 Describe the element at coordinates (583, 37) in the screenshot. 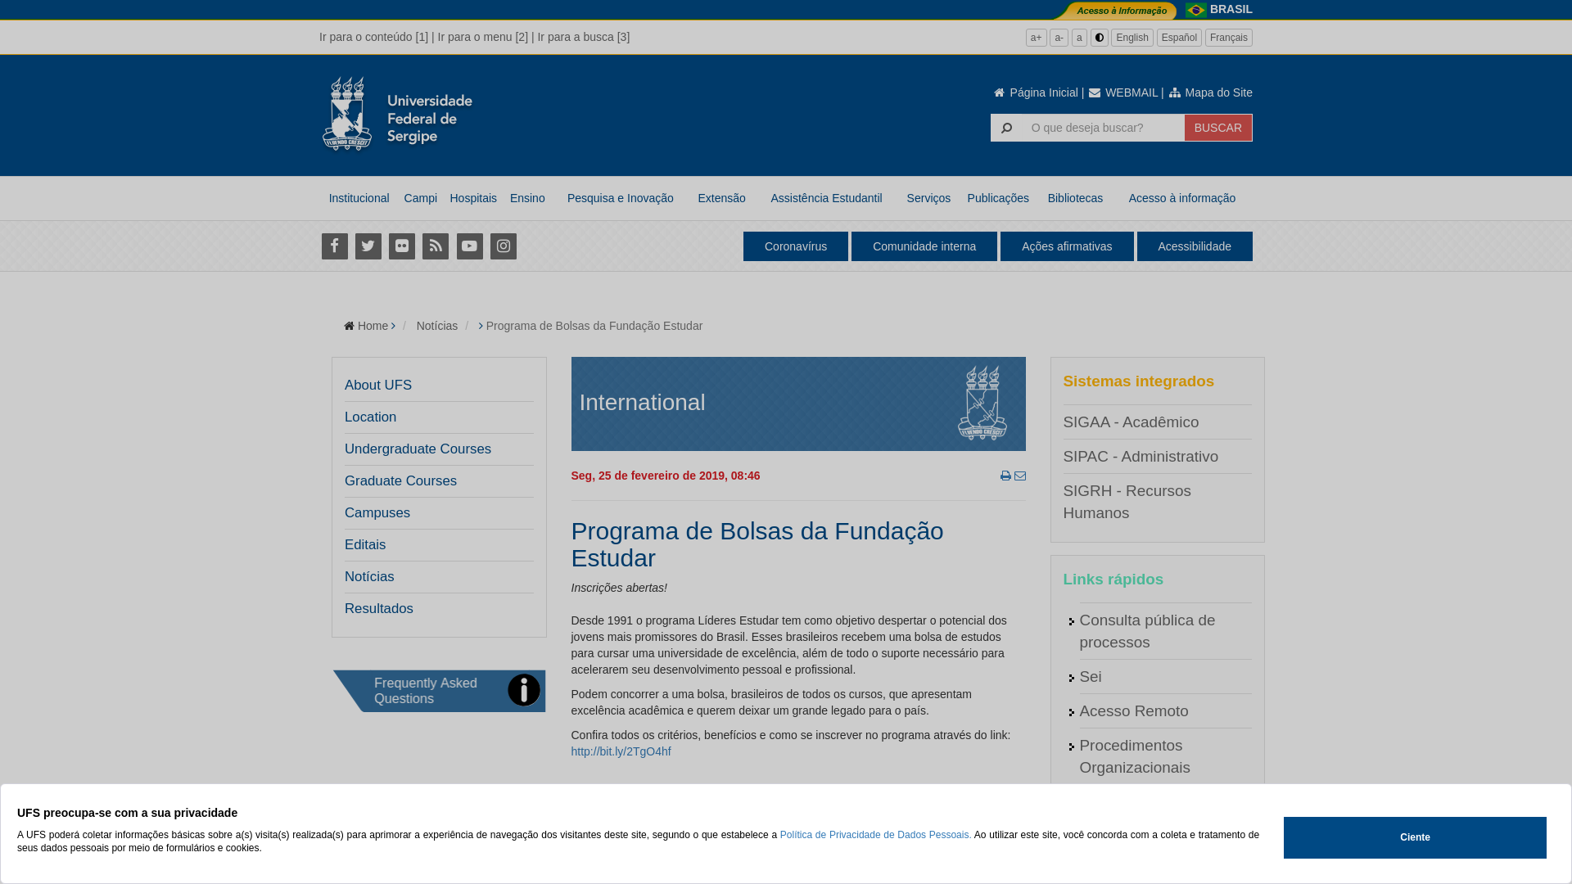

I see `'Ir para a busca [3]'` at that location.